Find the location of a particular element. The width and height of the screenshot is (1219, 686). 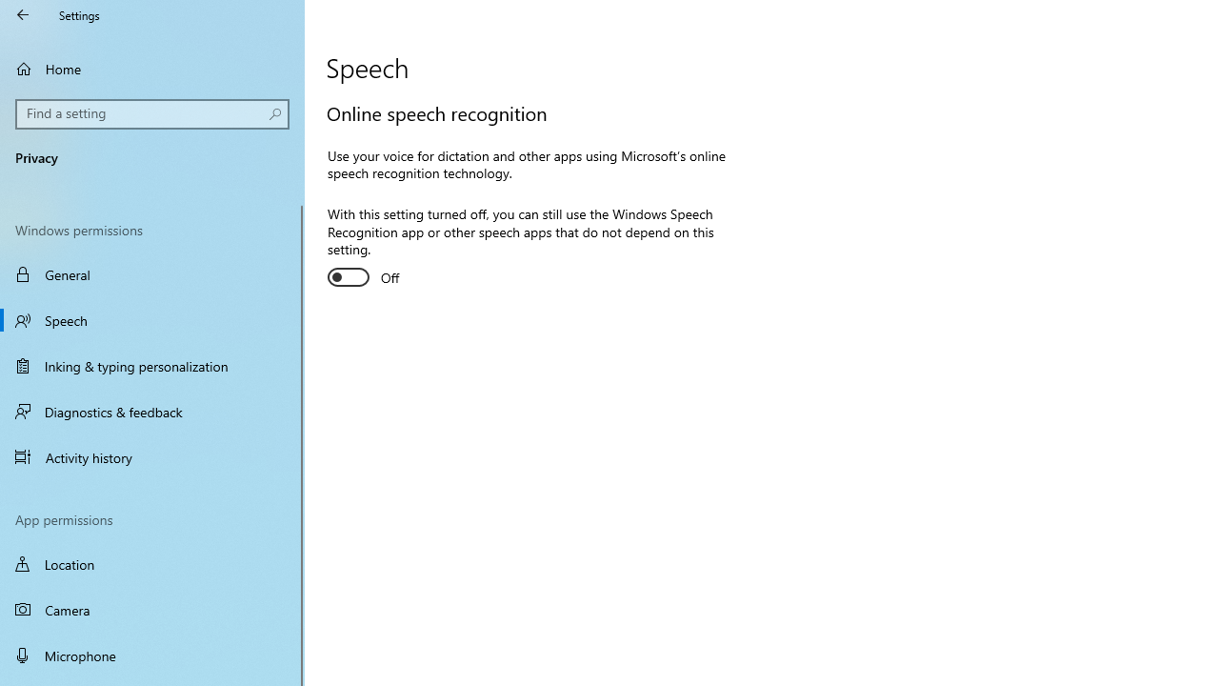

'Inking & typing personalization' is located at coordinates (152, 366).